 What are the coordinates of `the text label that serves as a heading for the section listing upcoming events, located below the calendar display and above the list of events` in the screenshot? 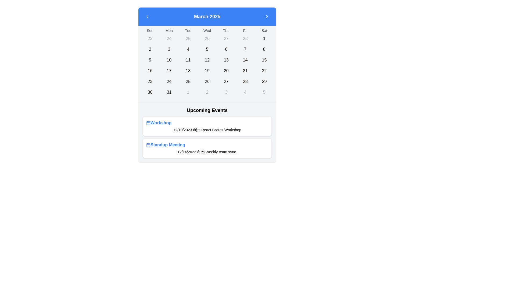 It's located at (207, 110).